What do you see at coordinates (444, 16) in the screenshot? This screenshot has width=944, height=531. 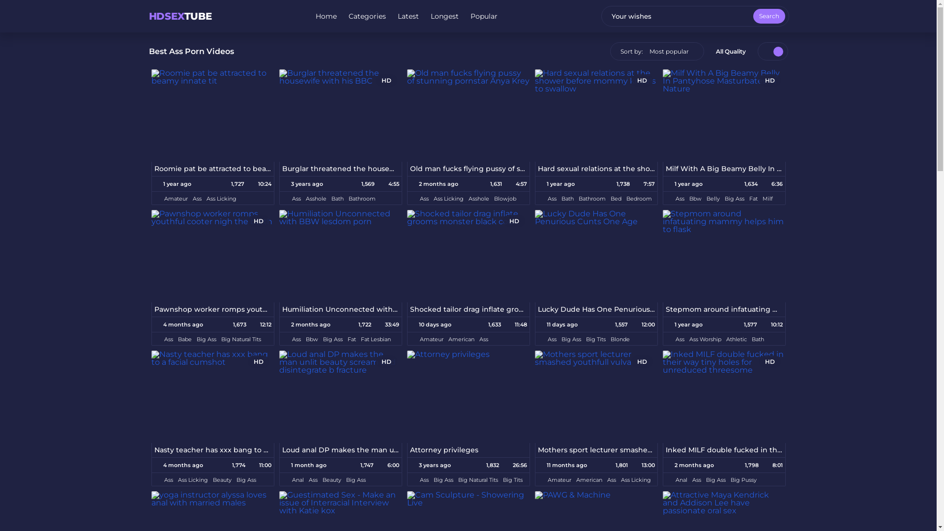 I see `'Longest'` at bounding box center [444, 16].